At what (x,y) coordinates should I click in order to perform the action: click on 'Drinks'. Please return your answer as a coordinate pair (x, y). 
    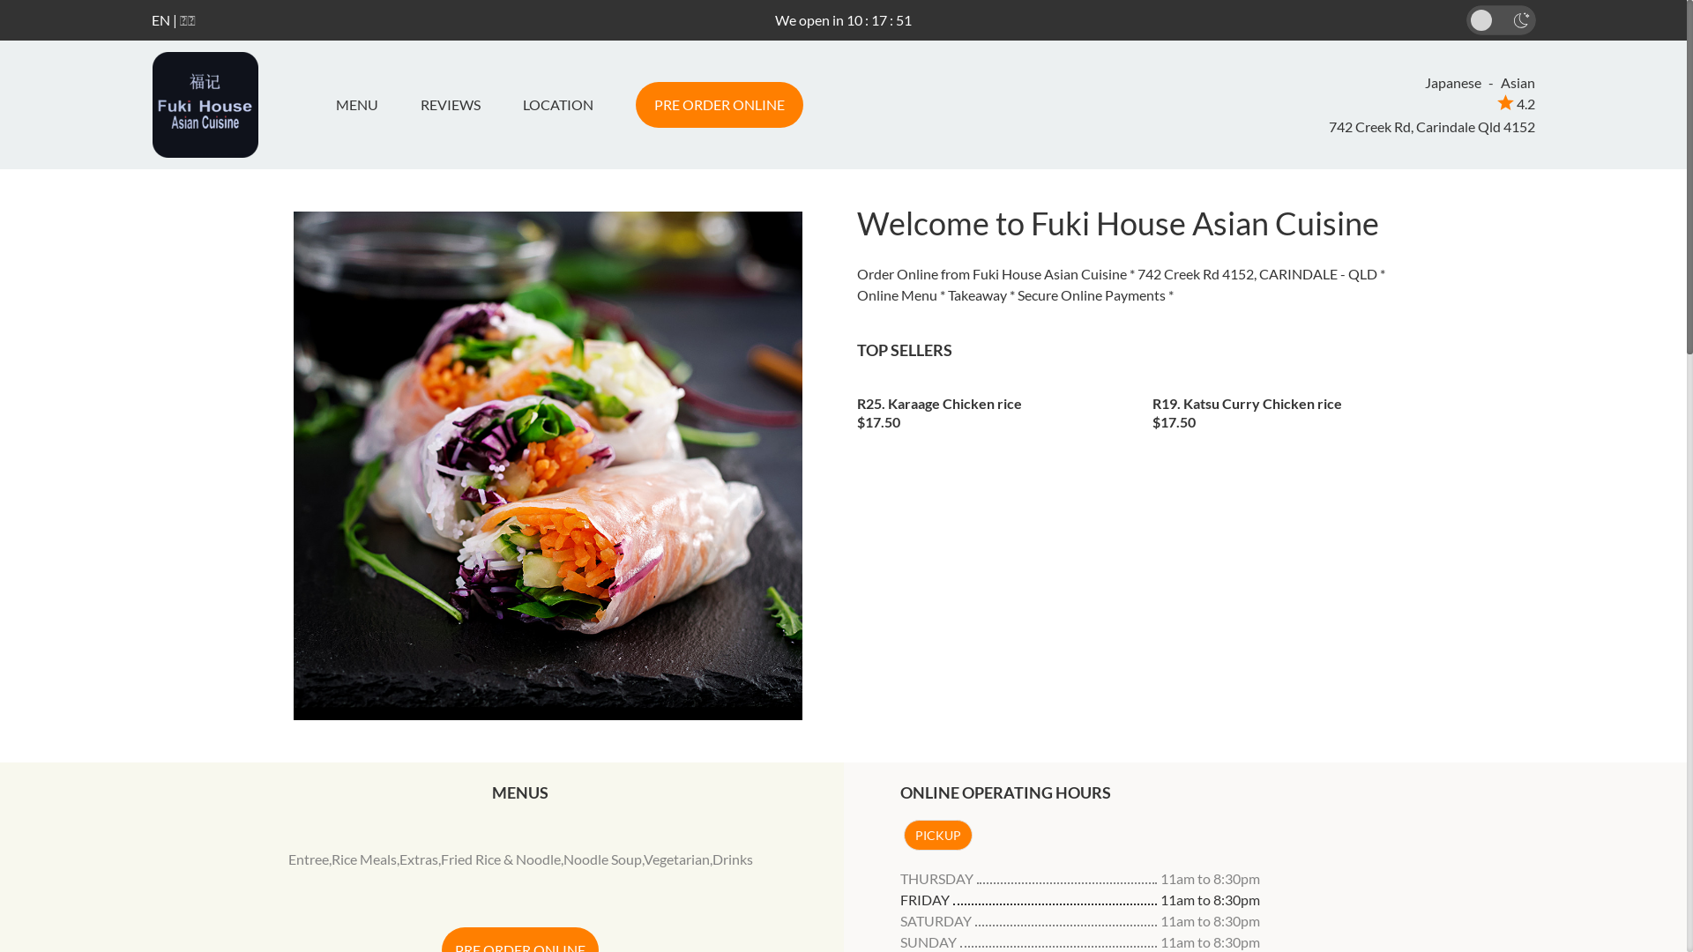
    Looking at the image, I should click on (732, 858).